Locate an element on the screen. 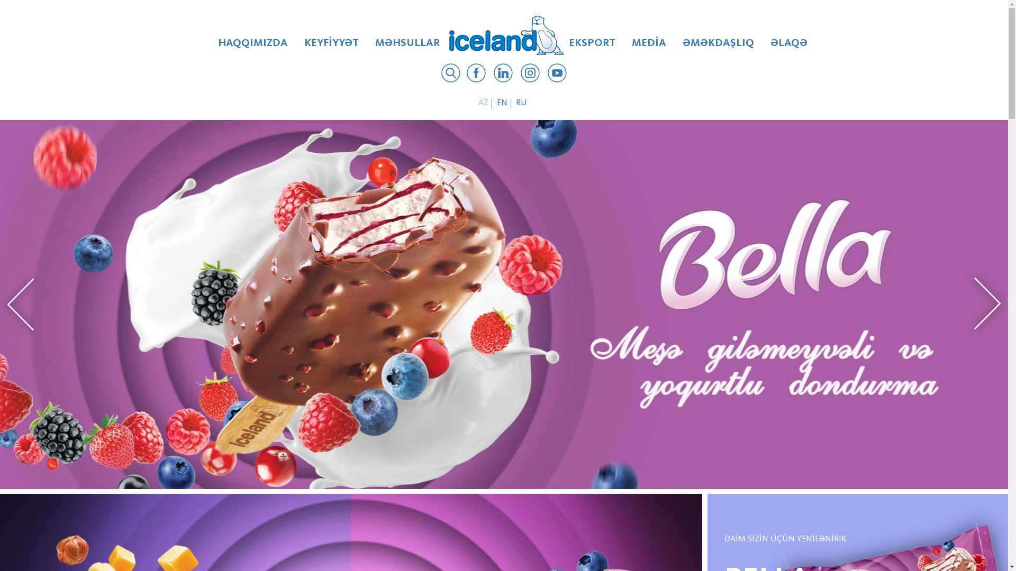 The height and width of the screenshot is (571, 1016). 'Iceland' is located at coordinates (505, 34).